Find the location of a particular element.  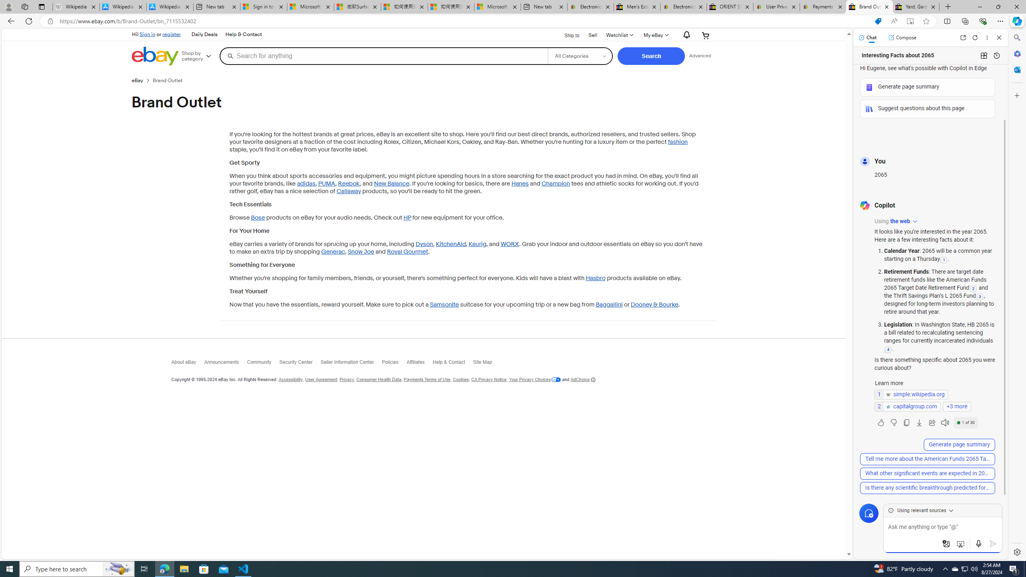

'Watchlist' is located at coordinates (619, 35).